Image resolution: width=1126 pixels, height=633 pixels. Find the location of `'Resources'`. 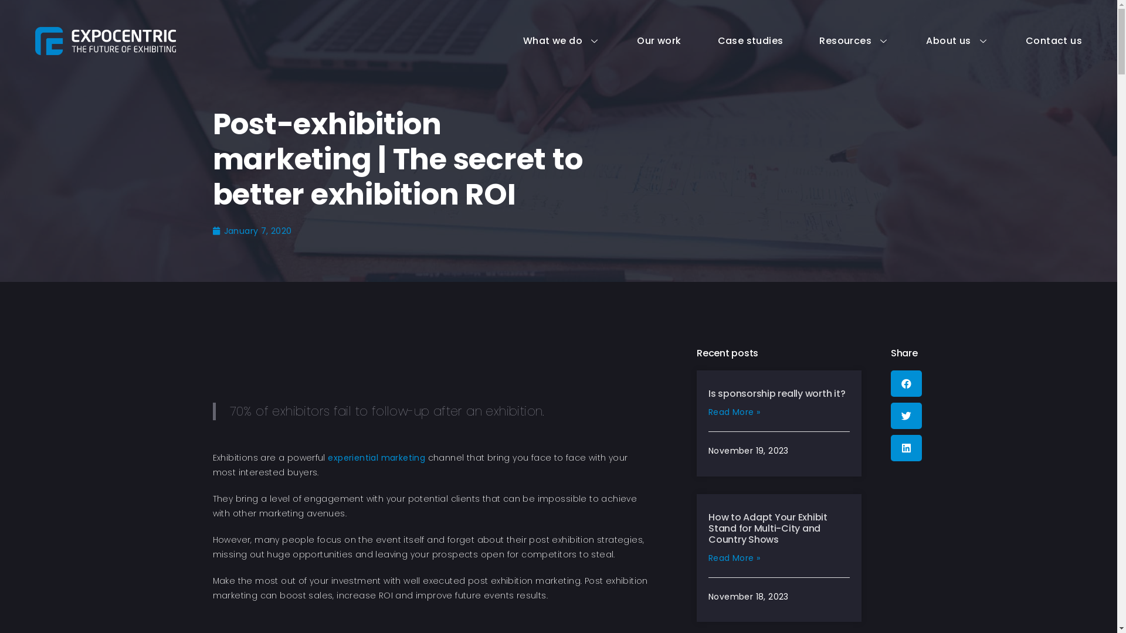

'Resources' is located at coordinates (835, 40).